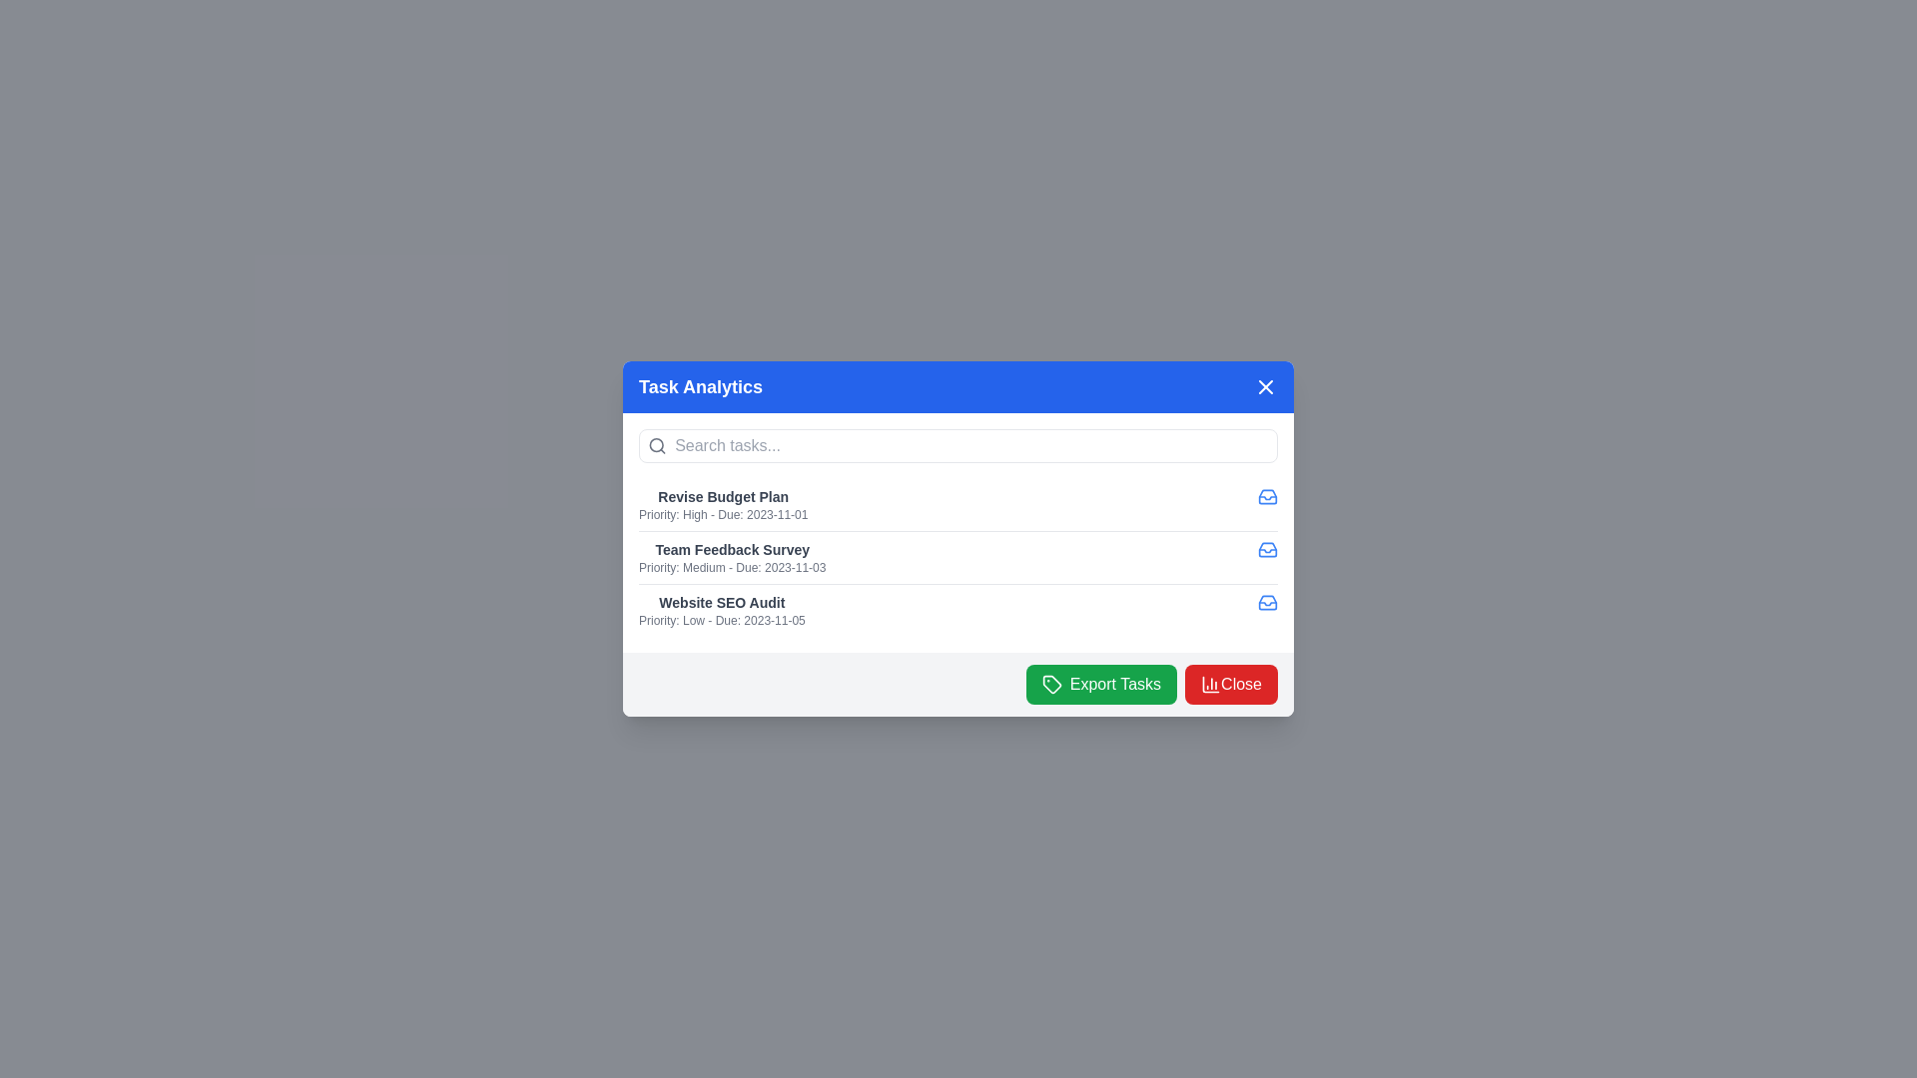  I want to click on the inbox icon with a blue outline, located to the right of the 'Team Feedback Survey' text, so click(1267, 550).